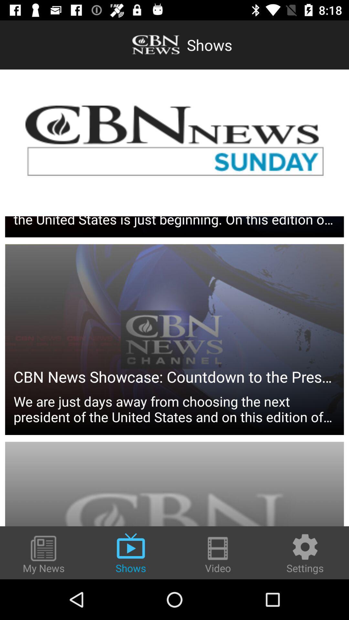 Image resolution: width=349 pixels, height=620 pixels. I want to click on the settings, so click(305, 553).